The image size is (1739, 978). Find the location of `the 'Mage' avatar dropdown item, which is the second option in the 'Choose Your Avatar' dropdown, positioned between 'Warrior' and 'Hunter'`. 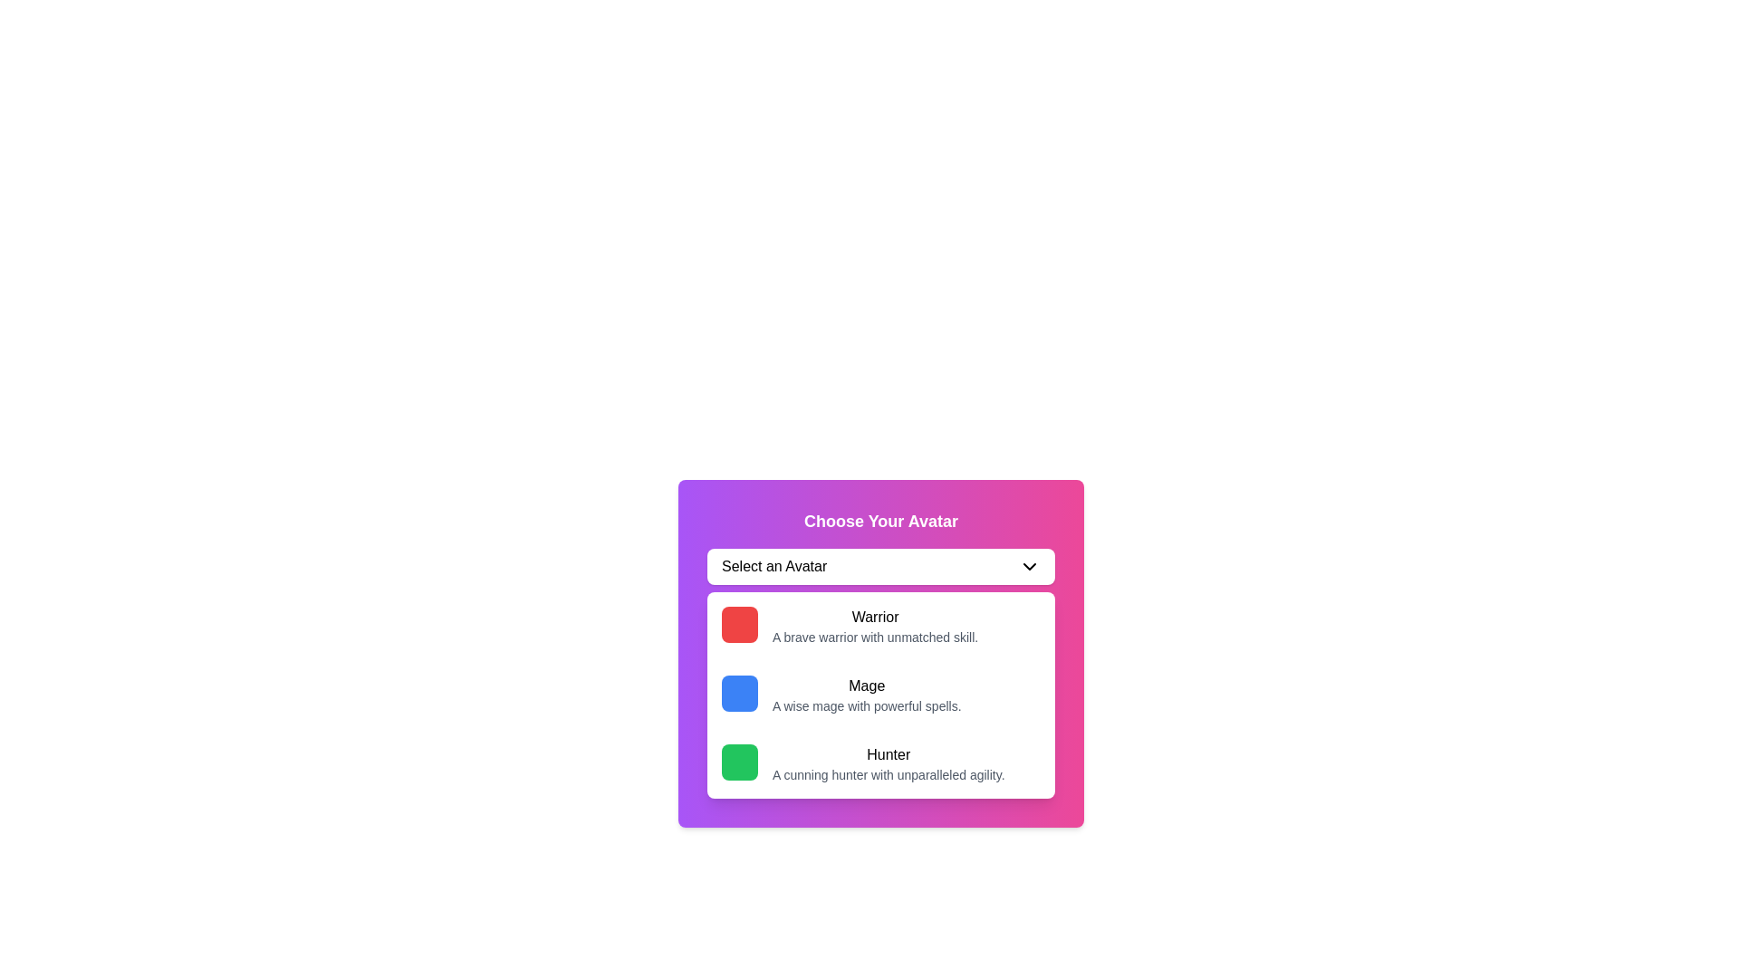

the 'Mage' avatar dropdown item, which is the second option in the 'Choose Your Avatar' dropdown, positioned between 'Warrior' and 'Hunter' is located at coordinates (881, 674).